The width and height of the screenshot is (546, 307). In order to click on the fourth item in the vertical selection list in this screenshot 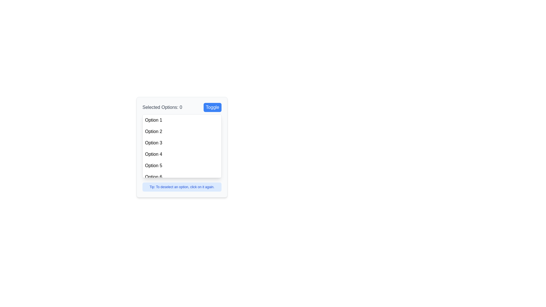, I will do `click(154, 154)`.